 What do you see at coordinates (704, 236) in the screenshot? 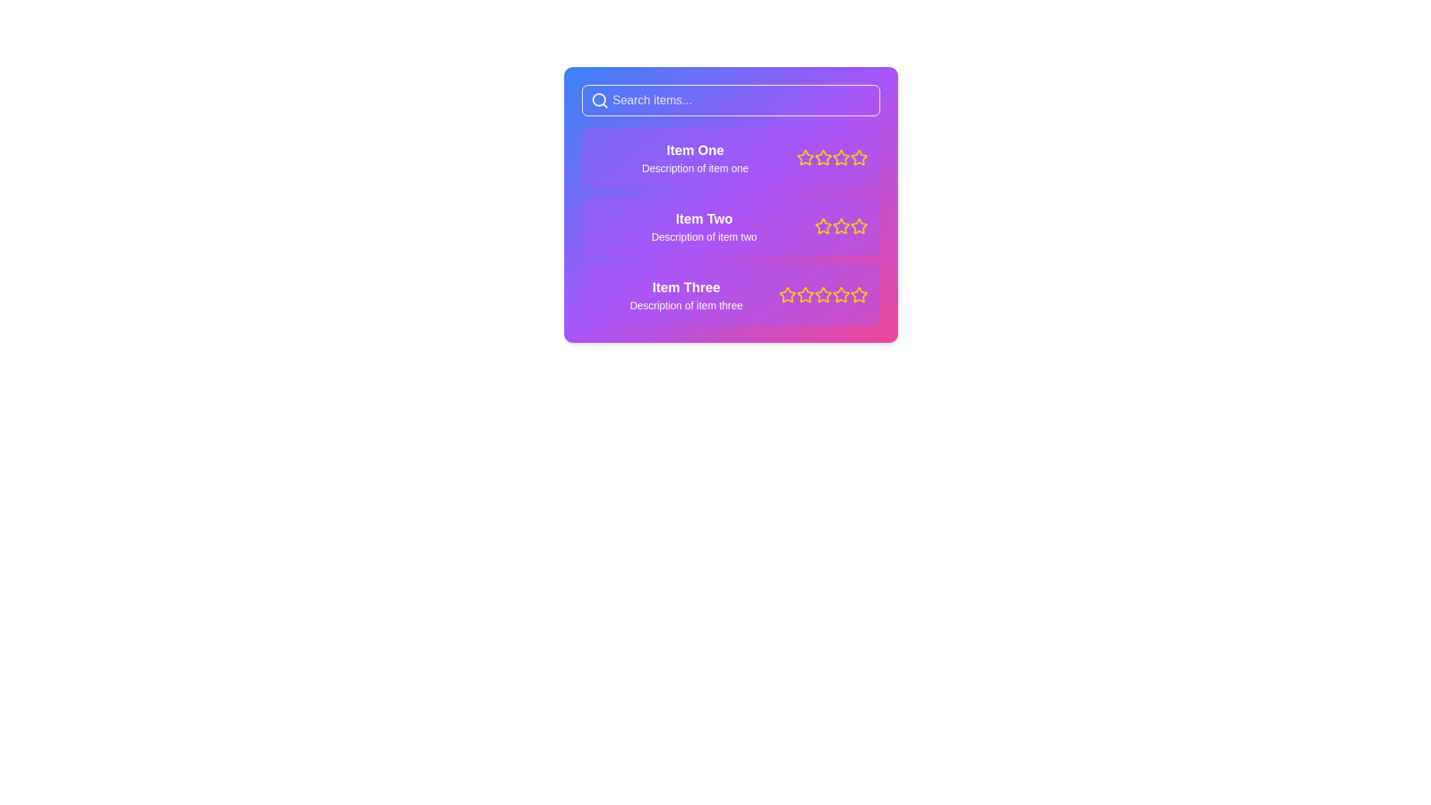
I see `the text label providing additional details related to 'Item Two' in the list, which is positioned below its sibling title and centered horizontally` at bounding box center [704, 236].